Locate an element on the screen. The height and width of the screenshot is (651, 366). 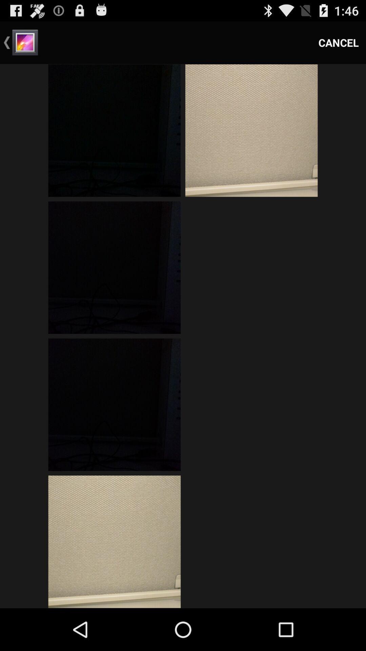
the cancel is located at coordinates (339, 42).